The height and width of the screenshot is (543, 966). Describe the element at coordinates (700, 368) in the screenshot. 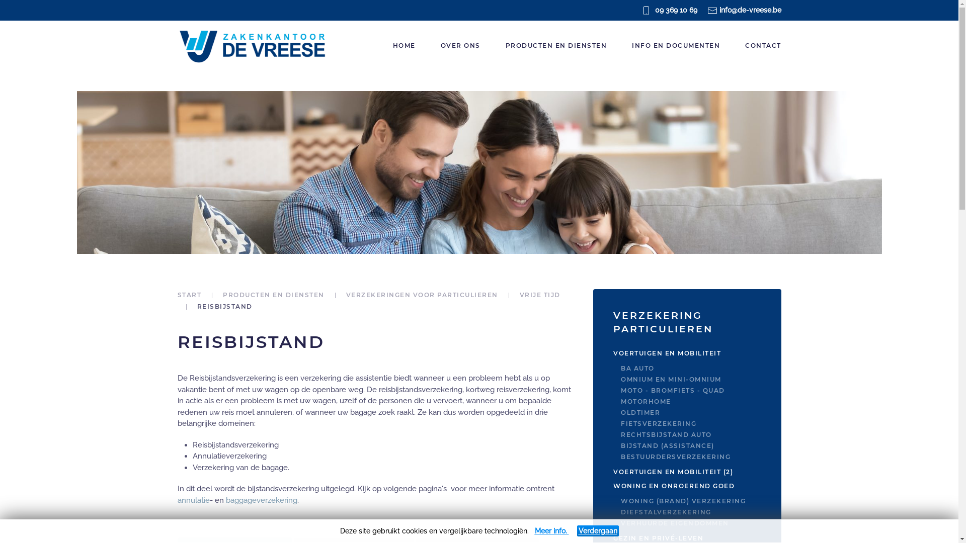

I see `'BA AUTO'` at that location.